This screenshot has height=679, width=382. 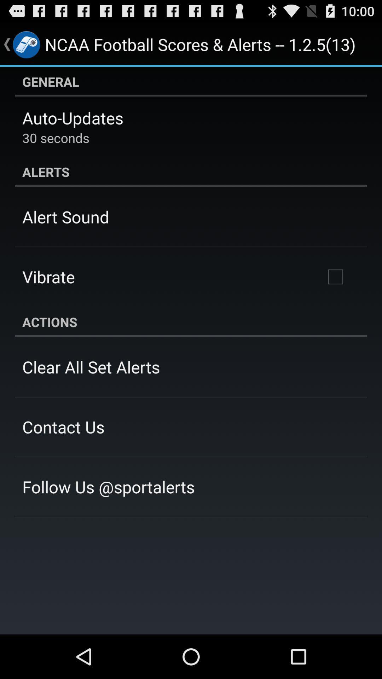 I want to click on icon below the alerts item, so click(x=65, y=216).